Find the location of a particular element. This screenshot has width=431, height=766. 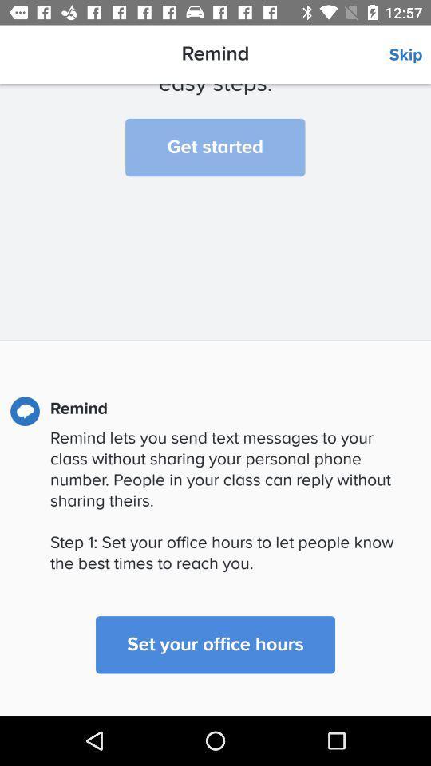

the skip icon is located at coordinates (409, 55).